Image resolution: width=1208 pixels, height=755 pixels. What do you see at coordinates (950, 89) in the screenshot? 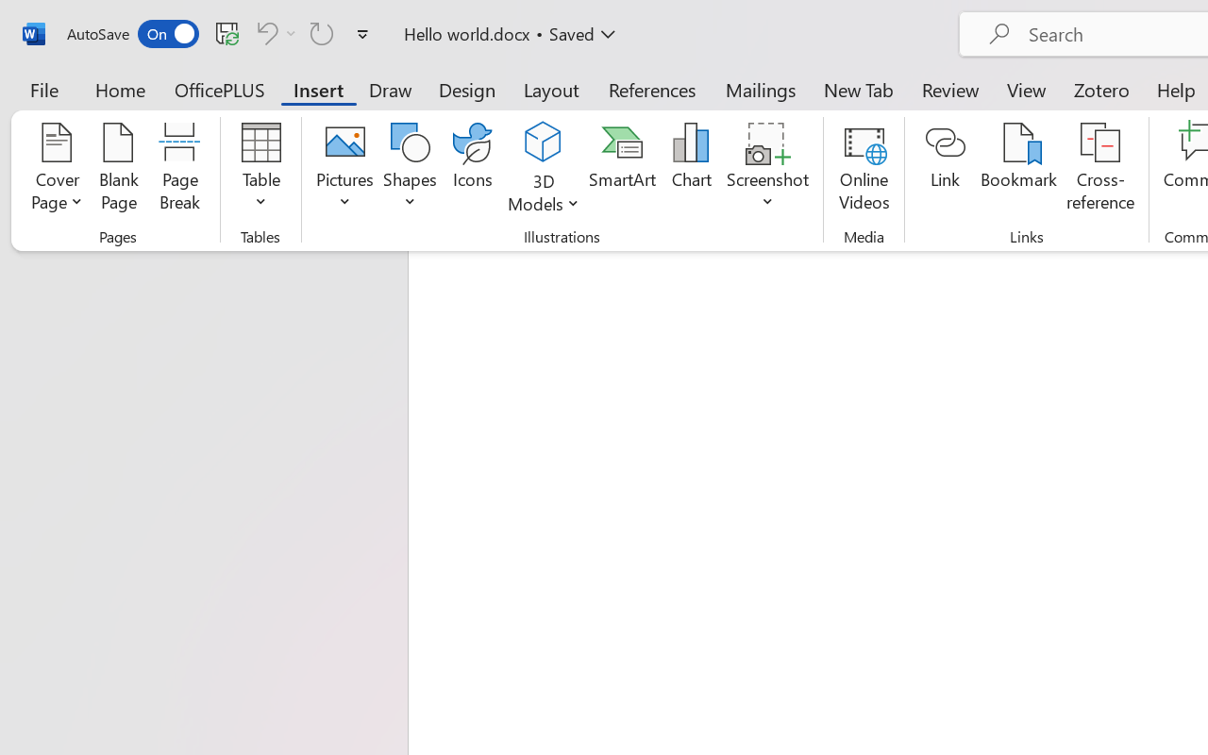
I see `'Review'` at bounding box center [950, 89].